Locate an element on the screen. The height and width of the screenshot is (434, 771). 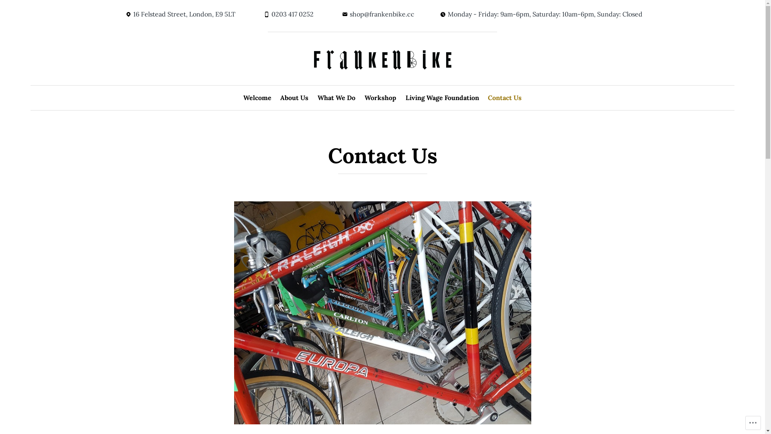
'0203 417 0252' is located at coordinates (260, 14).